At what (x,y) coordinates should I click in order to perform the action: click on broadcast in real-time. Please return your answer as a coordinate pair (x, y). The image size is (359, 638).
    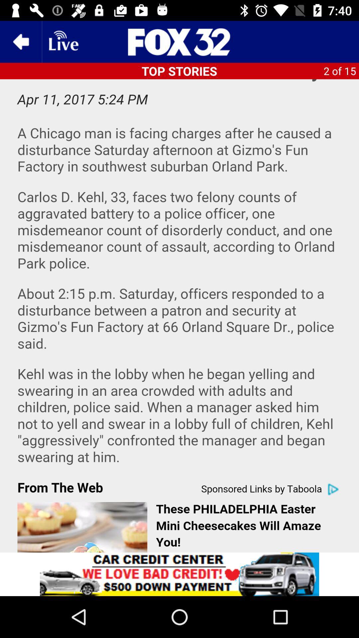
    Looking at the image, I should click on (63, 41).